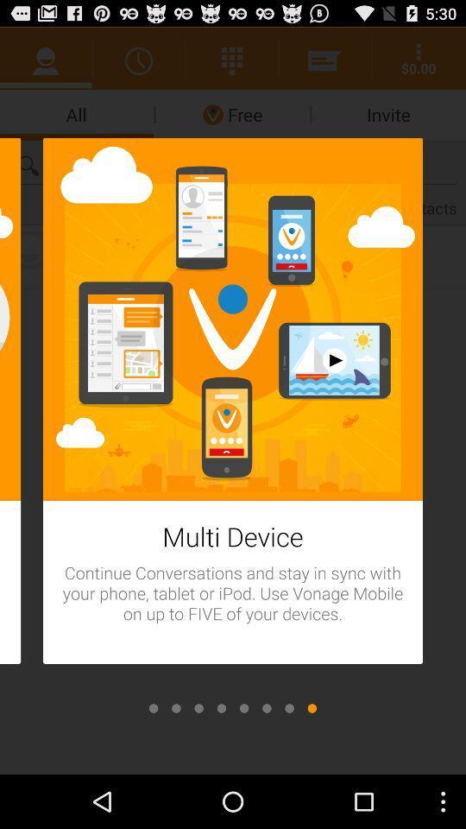  What do you see at coordinates (267, 708) in the screenshot?
I see `anotherpage` at bounding box center [267, 708].